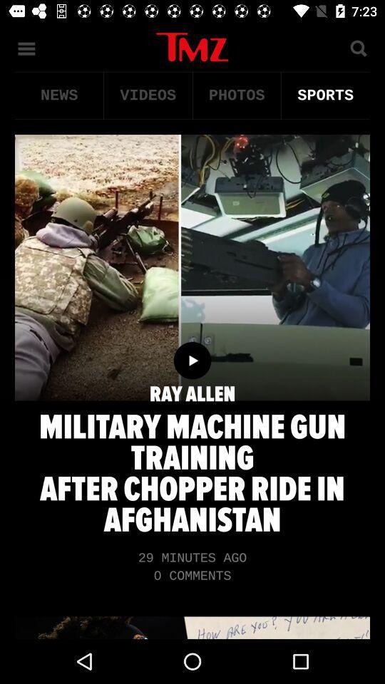 The height and width of the screenshot is (684, 385). What do you see at coordinates (147, 95) in the screenshot?
I see `videos item` at bounding box center [147, 95].